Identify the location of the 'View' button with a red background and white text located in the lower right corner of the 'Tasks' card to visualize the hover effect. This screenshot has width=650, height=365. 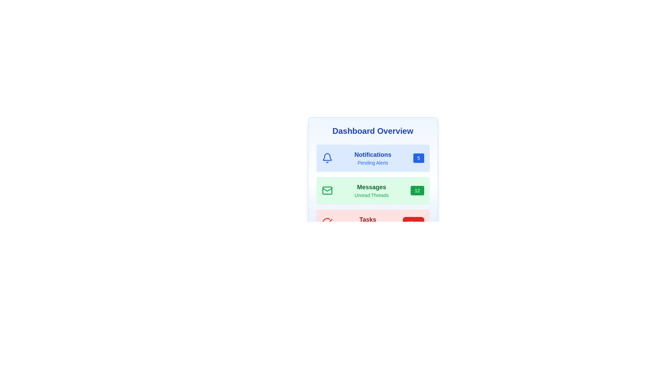
(413, 223).